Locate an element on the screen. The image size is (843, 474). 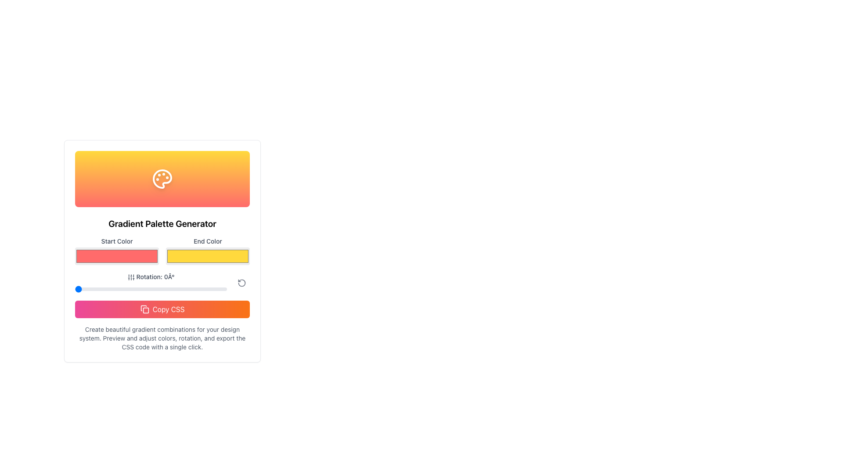
the 'Copy CSS' button located in the Configuration panel of the 'Gradient Palette Generator' interface to copy the CSS code is located at coordinates (162, 294).